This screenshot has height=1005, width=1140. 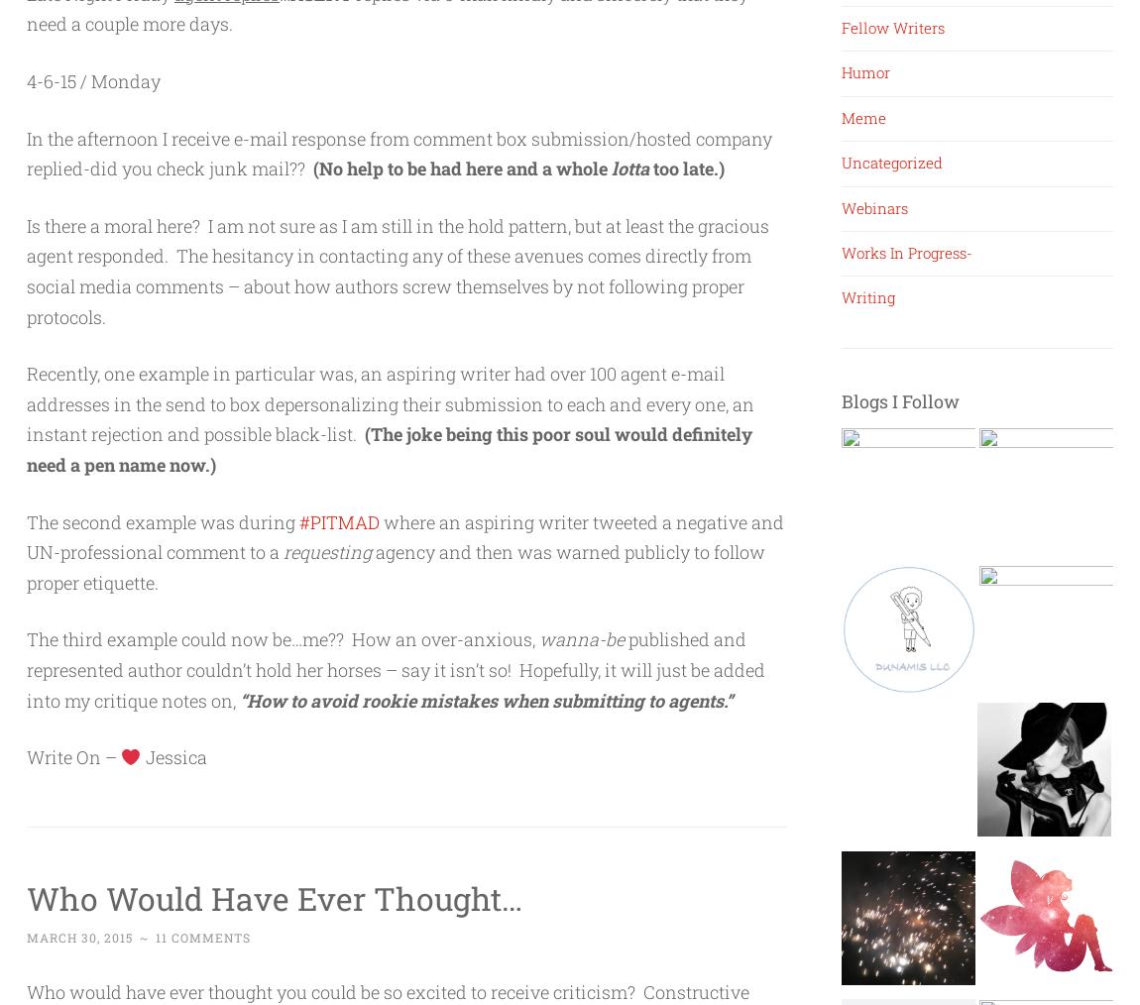 I want to click on '11 Comments', so click(x=202, y=937).